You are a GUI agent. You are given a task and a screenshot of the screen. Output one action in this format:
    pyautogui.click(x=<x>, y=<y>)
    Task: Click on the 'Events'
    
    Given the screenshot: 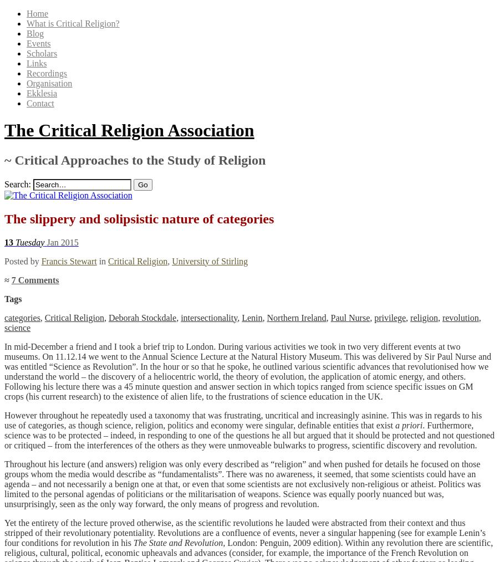 What is the action you would take?
    pyautogui.click(x=38, y=43)
    